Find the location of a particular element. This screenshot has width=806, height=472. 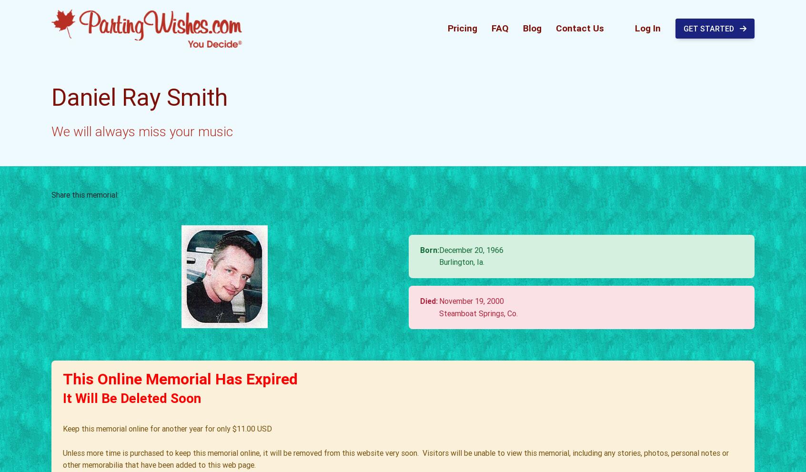

'Daniel,' is located at coordinates (479, 33).